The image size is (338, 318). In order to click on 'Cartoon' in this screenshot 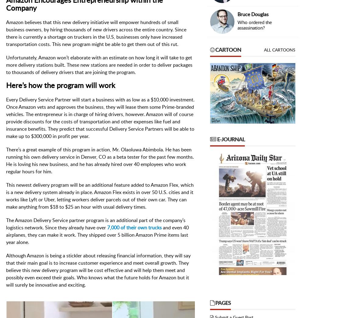, I will do `click(227, 50)`.